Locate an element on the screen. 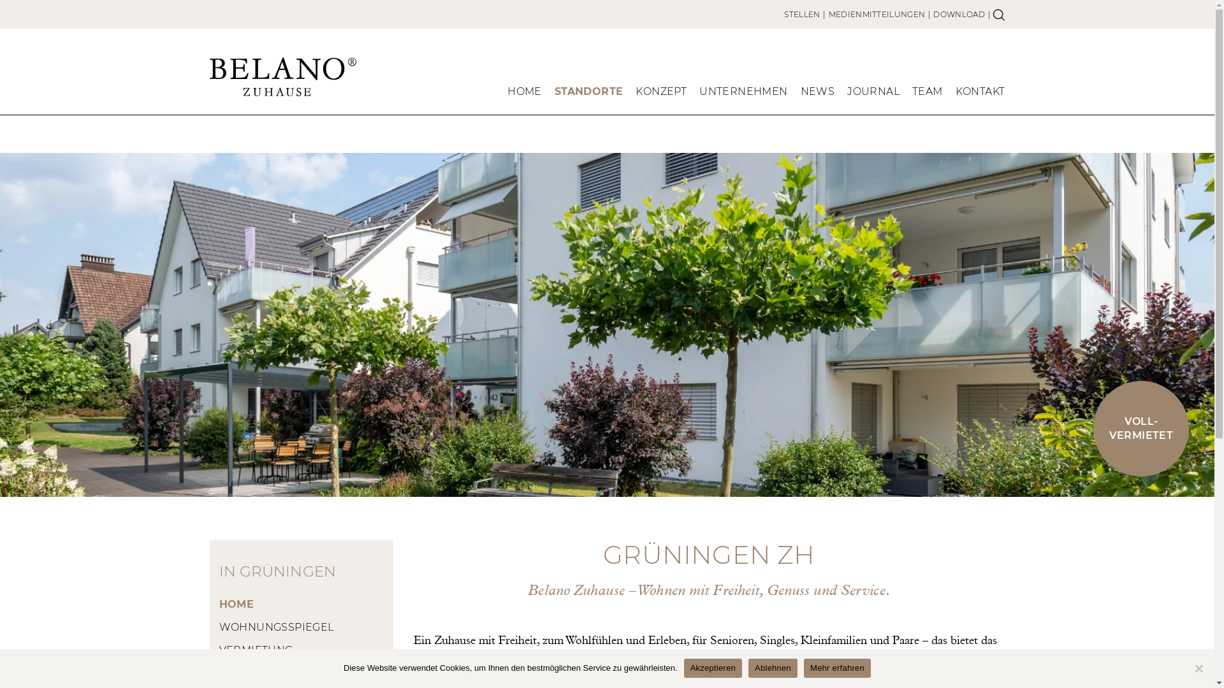  'KONTAKT' is located at coordinates (979, 93).